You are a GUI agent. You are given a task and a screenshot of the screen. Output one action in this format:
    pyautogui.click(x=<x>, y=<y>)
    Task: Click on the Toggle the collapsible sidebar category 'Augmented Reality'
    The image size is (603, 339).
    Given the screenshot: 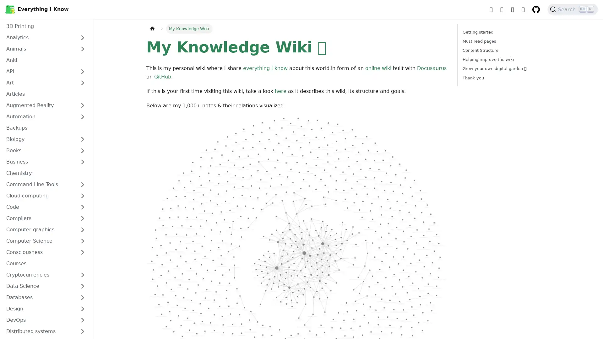 What is the action you would take?
    pyautogui.click(x=82, y=105)
    